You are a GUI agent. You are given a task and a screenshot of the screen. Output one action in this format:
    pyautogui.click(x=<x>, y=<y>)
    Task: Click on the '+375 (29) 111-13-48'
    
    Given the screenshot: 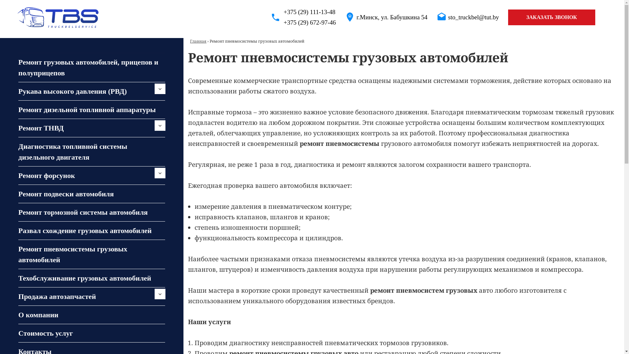 What is the action you would take?
    pyautogui.click(x=270, y=12)
    